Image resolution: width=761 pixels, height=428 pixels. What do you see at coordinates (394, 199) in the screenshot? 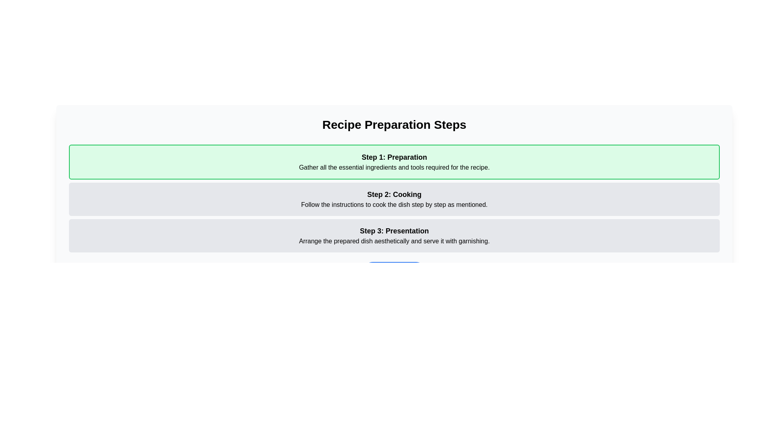
I see `text from the informational text block that provides guidance for the cooking phase, positioned between 'Step 1: Preparation' and 'Step 3: Presentation'` at bounding box center [394, 199].